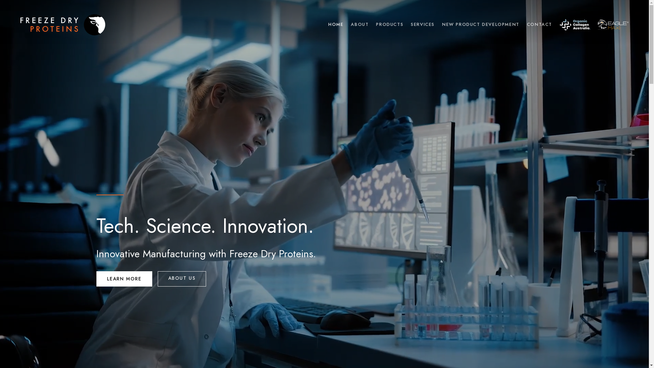 Image resolution: width=654 pixels, height=368 pixels. What do you see at coordinates (539, 24) in the screenshot?
I see `'CONTACT'` at bounding box center [539, 24].